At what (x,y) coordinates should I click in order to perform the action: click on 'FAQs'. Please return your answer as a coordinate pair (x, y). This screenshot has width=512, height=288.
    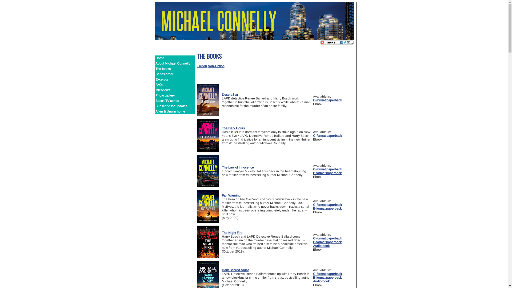
    Looking at the image, I should click on (154, 84).